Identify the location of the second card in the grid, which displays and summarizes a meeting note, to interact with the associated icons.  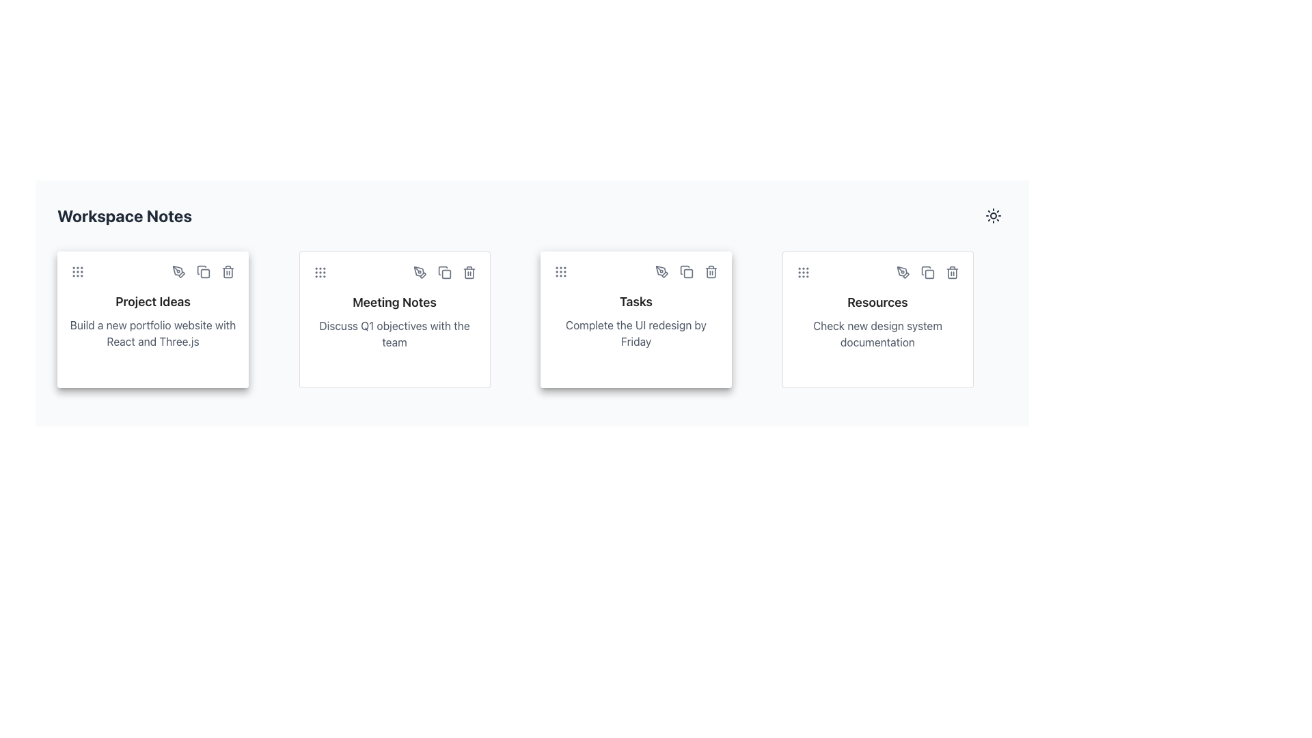
(394, 319).